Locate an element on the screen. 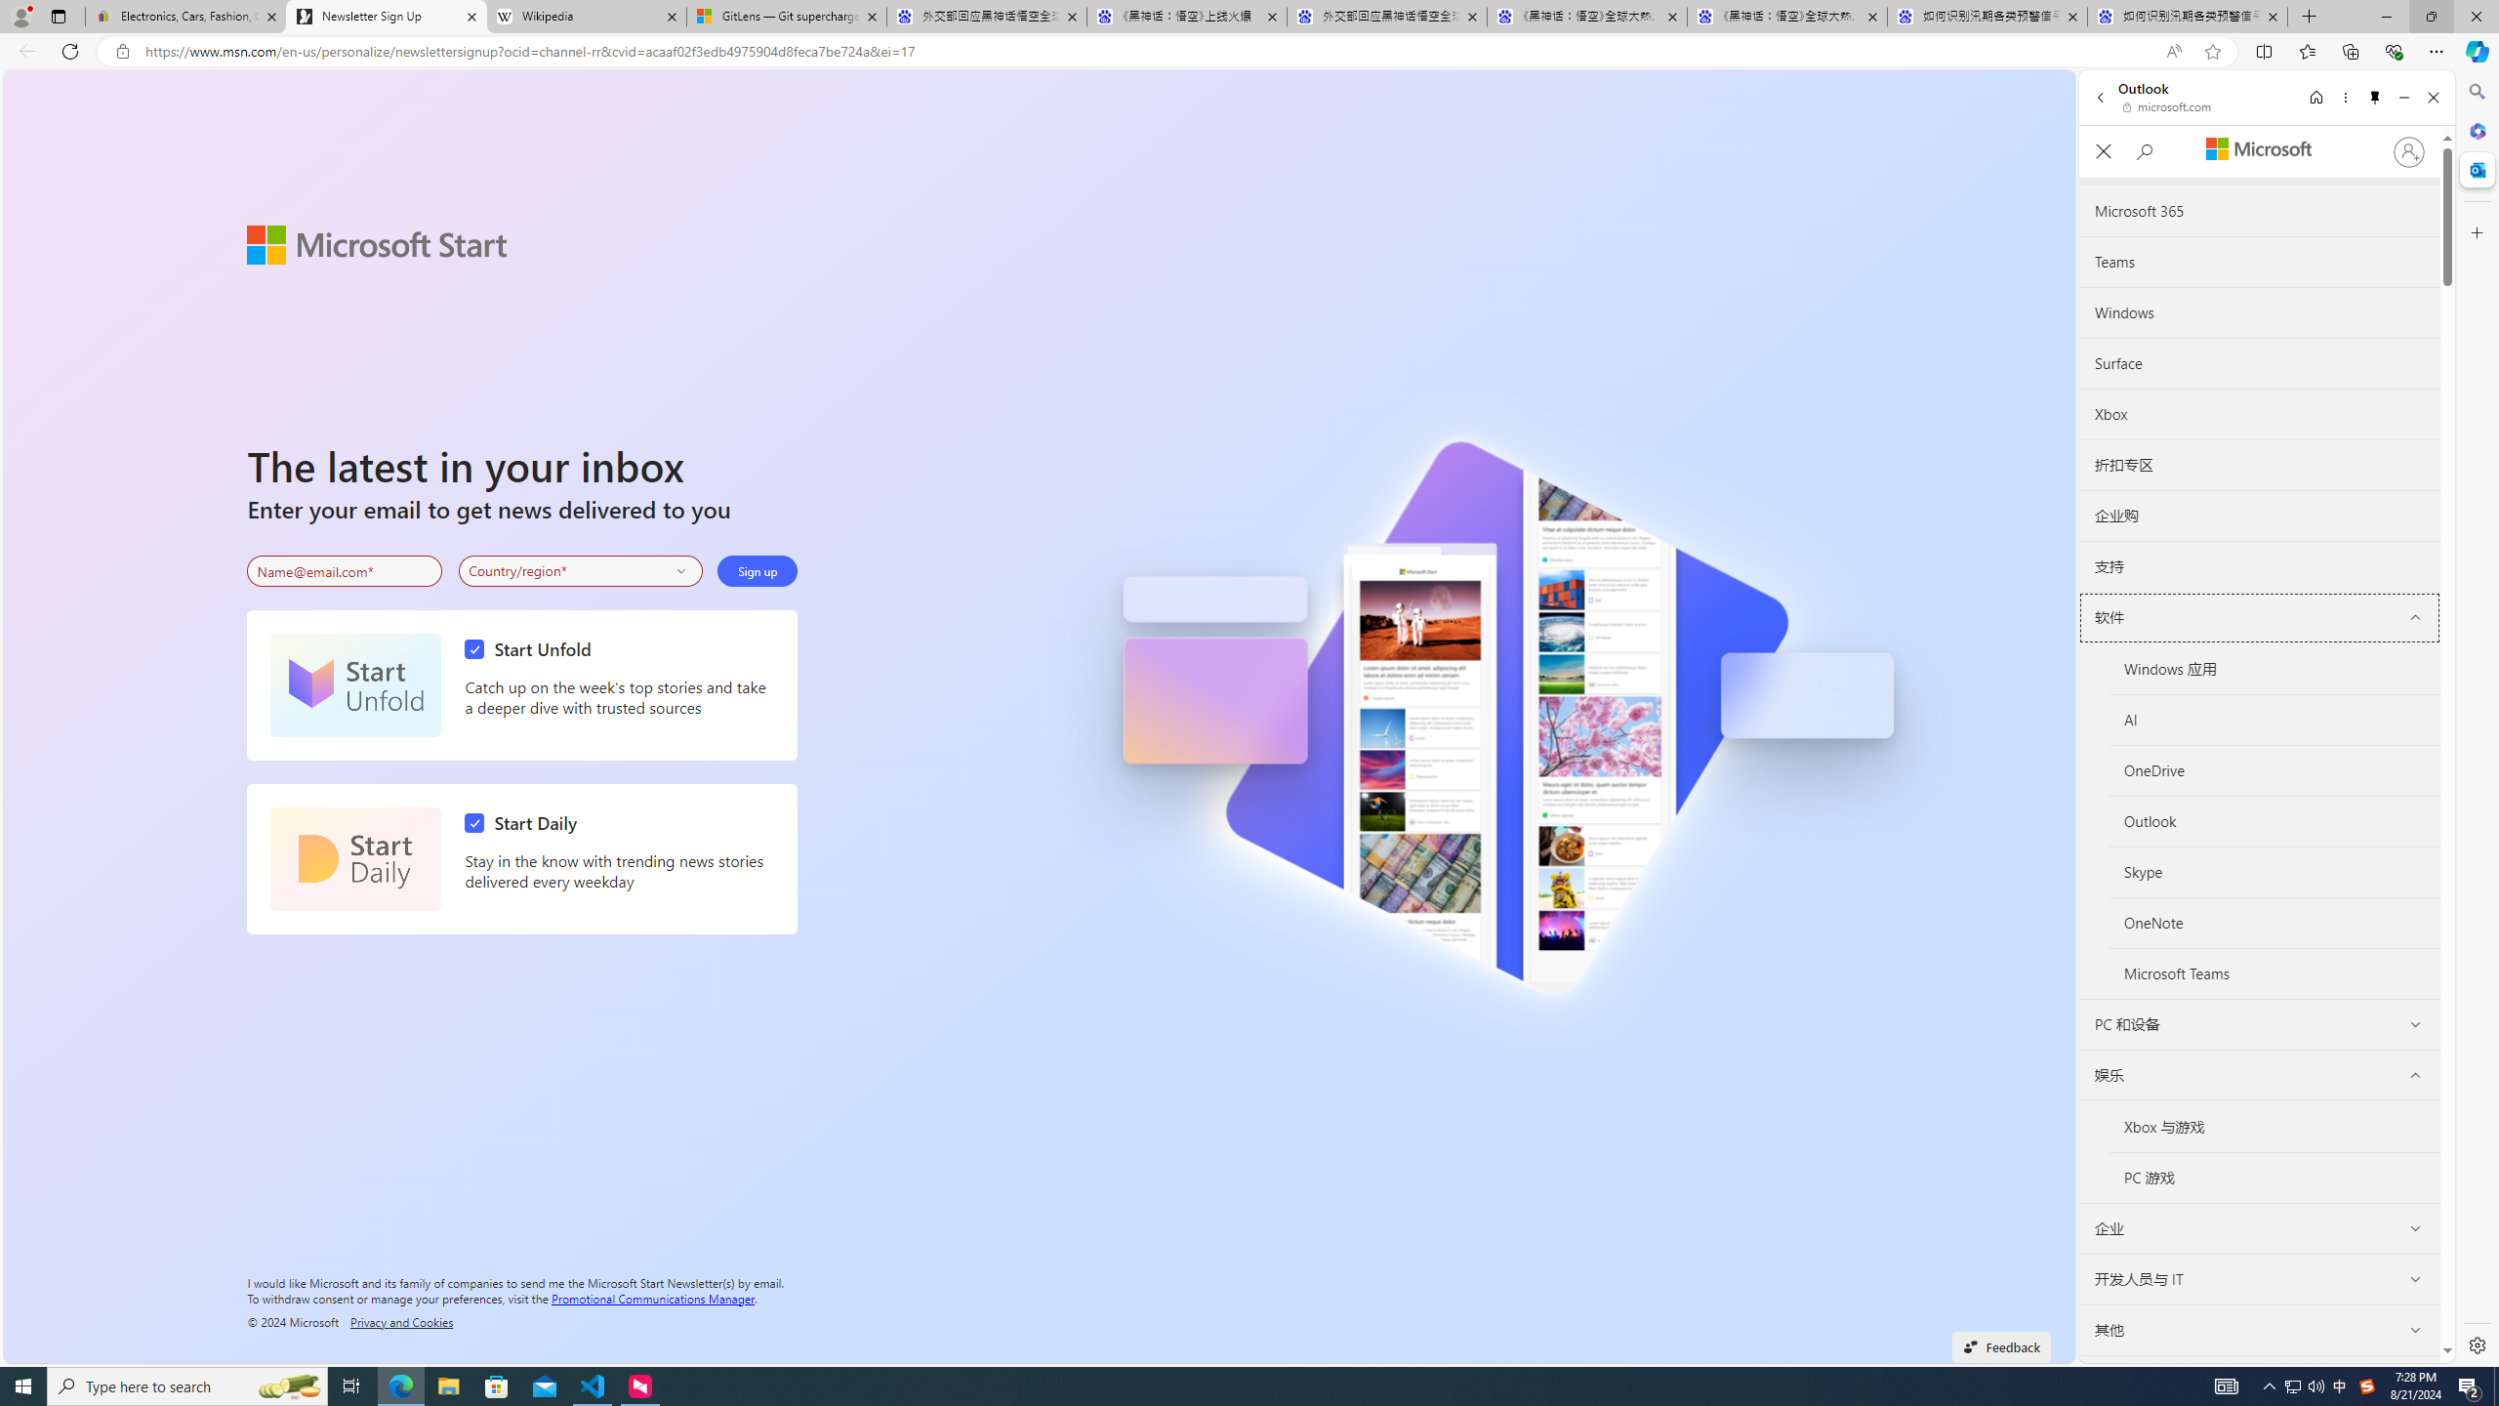 Image resolution: width=2499 pixels, height=1406 pixels. 'AI' is located at coordinates (2274, 721).